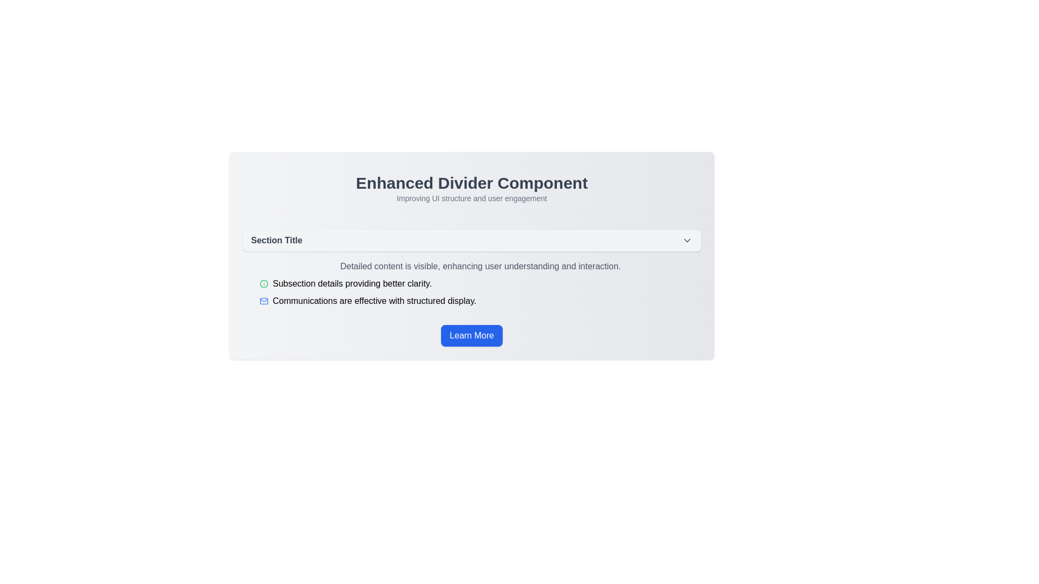  What do you see at coordinates (264, 283) in the screenshot?
I see `the graphical SVG circle element that is part of an informational icon near the header of the subsections list to interact with it` at bounding box center [264, 283].